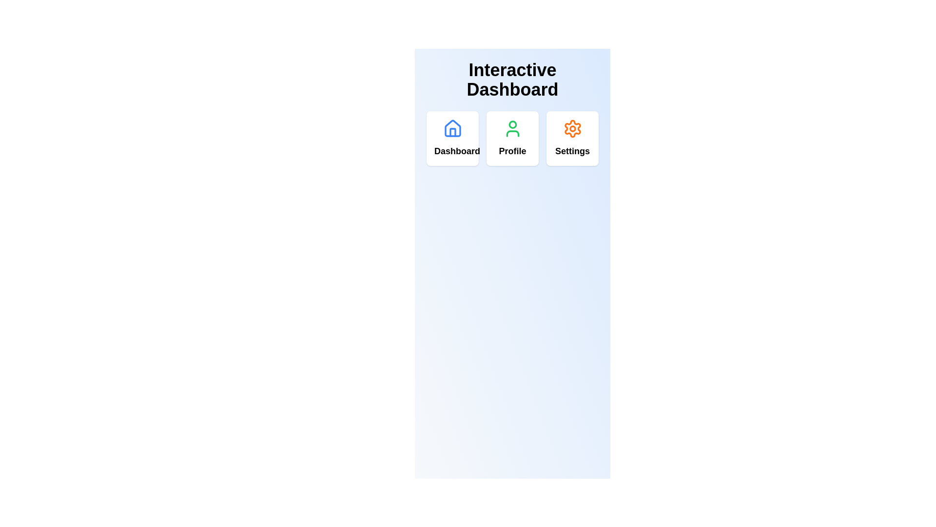 This screenshot has width=936, height=527. Describe the element at coordinates (512, 128) in the screenshot. I see `the green person icon located in the central card under the 'Profile' label, which is styled with a circular head and semi-circular body` at that location.